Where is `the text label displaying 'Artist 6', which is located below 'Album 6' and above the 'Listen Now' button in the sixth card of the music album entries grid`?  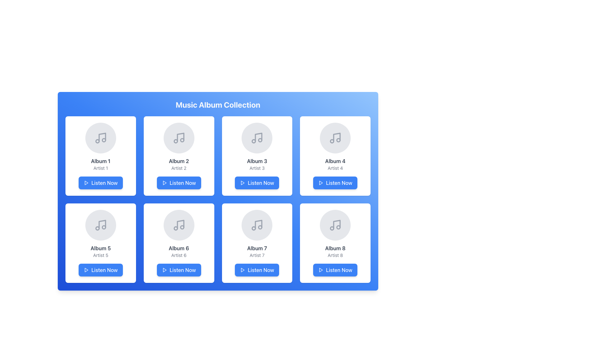 the text label displaying 'Artist 6', which is located below 'Album 6' and above the 'Listen Now' button in the sixth card of the music album entries grid is located at coordinates (179, 255).